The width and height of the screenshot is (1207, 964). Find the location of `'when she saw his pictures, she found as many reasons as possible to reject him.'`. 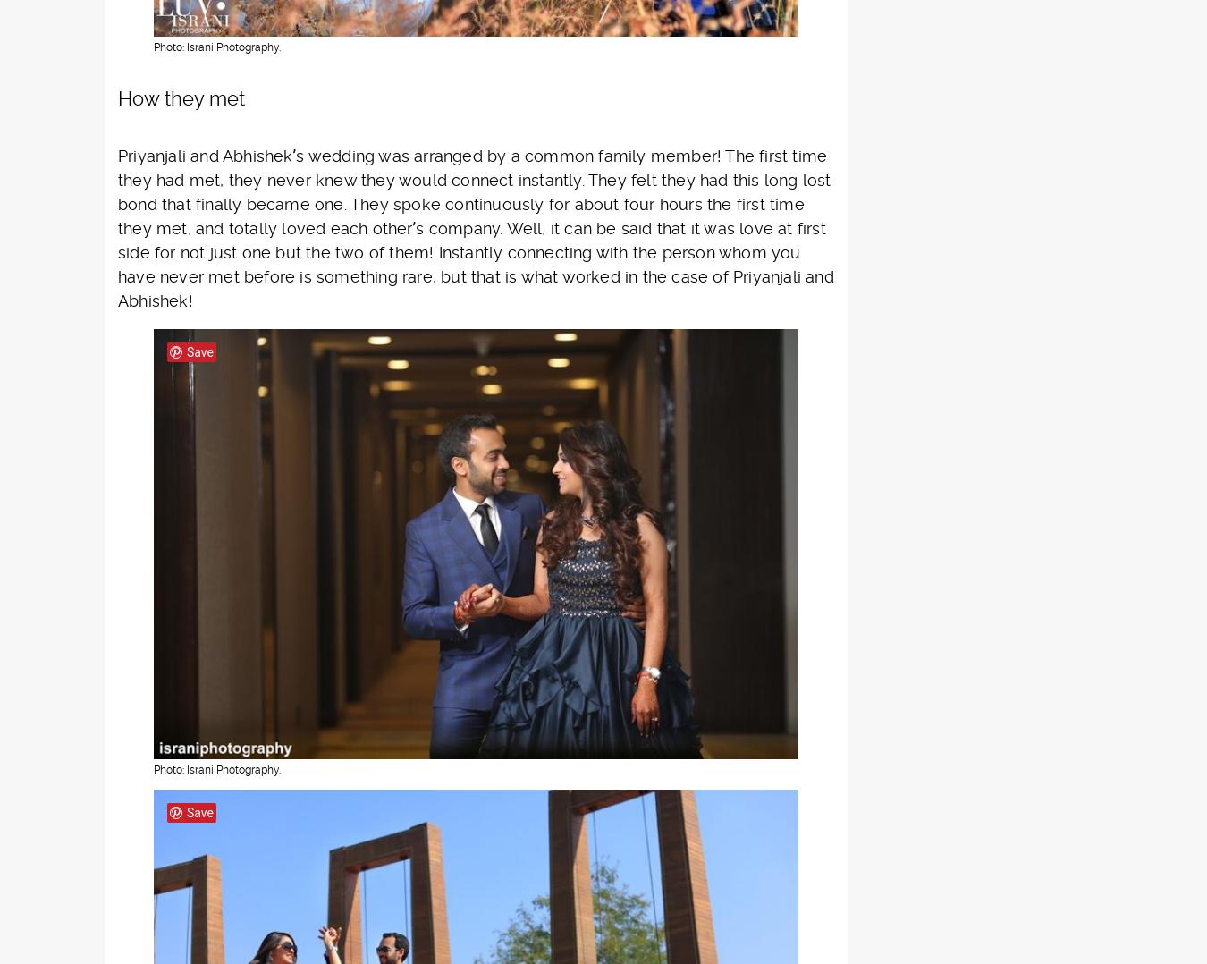

'when she saw his pictures, she found as many reasons as possible to reject him.' is located at coordinates (465, 58).